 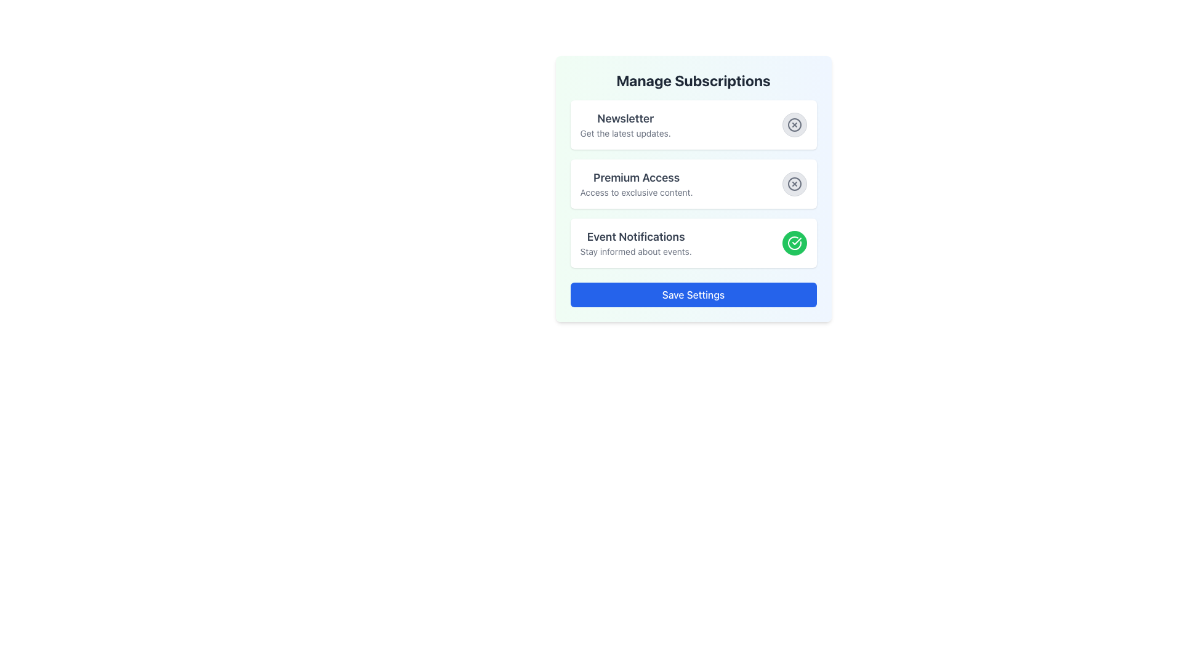 What do you see at coordinates (794, 243) in the screenshot?
I see `the toggle button to the right of 'Event Notifications' in the 'Manage Subscriptions' section` at bounding box center [794, 243].